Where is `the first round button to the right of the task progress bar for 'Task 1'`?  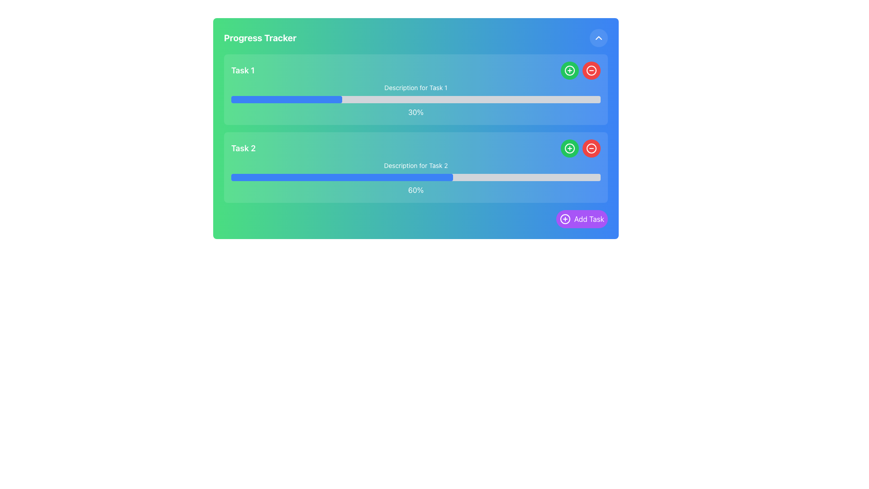 the first round button to the right of the task progress bar for 'Task 1' is located at coordinates (569, 70).